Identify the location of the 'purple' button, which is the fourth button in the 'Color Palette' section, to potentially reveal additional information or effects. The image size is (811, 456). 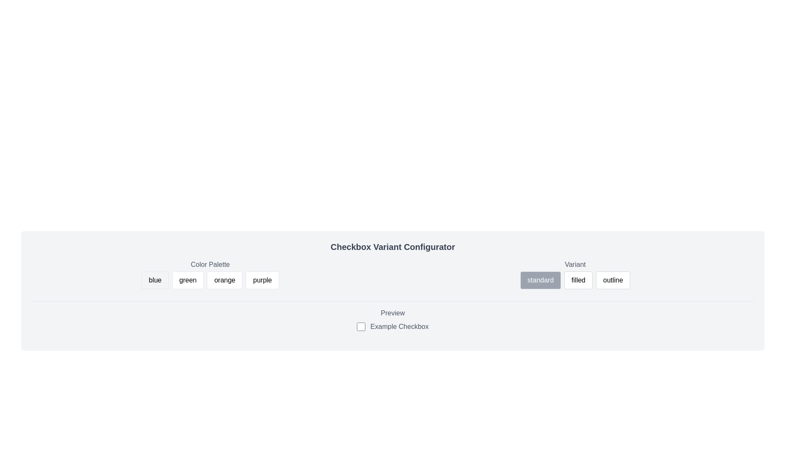
(262, 280).